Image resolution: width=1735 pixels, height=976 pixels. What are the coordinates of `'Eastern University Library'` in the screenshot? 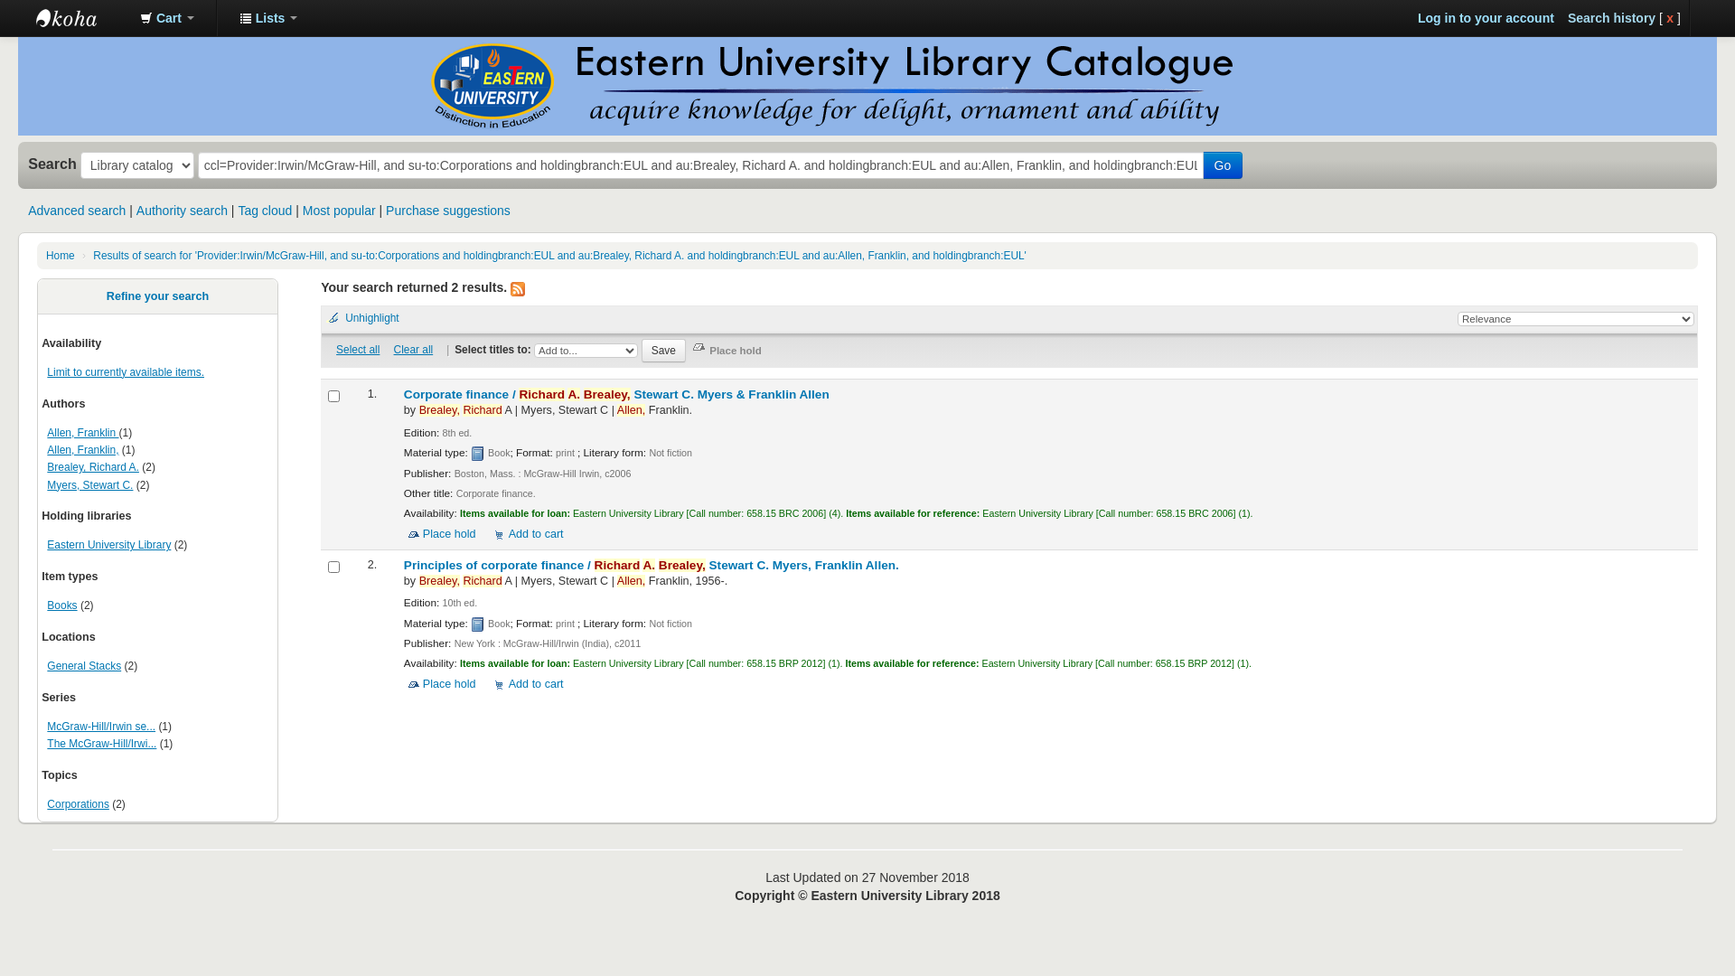 It's located at (108, 543).